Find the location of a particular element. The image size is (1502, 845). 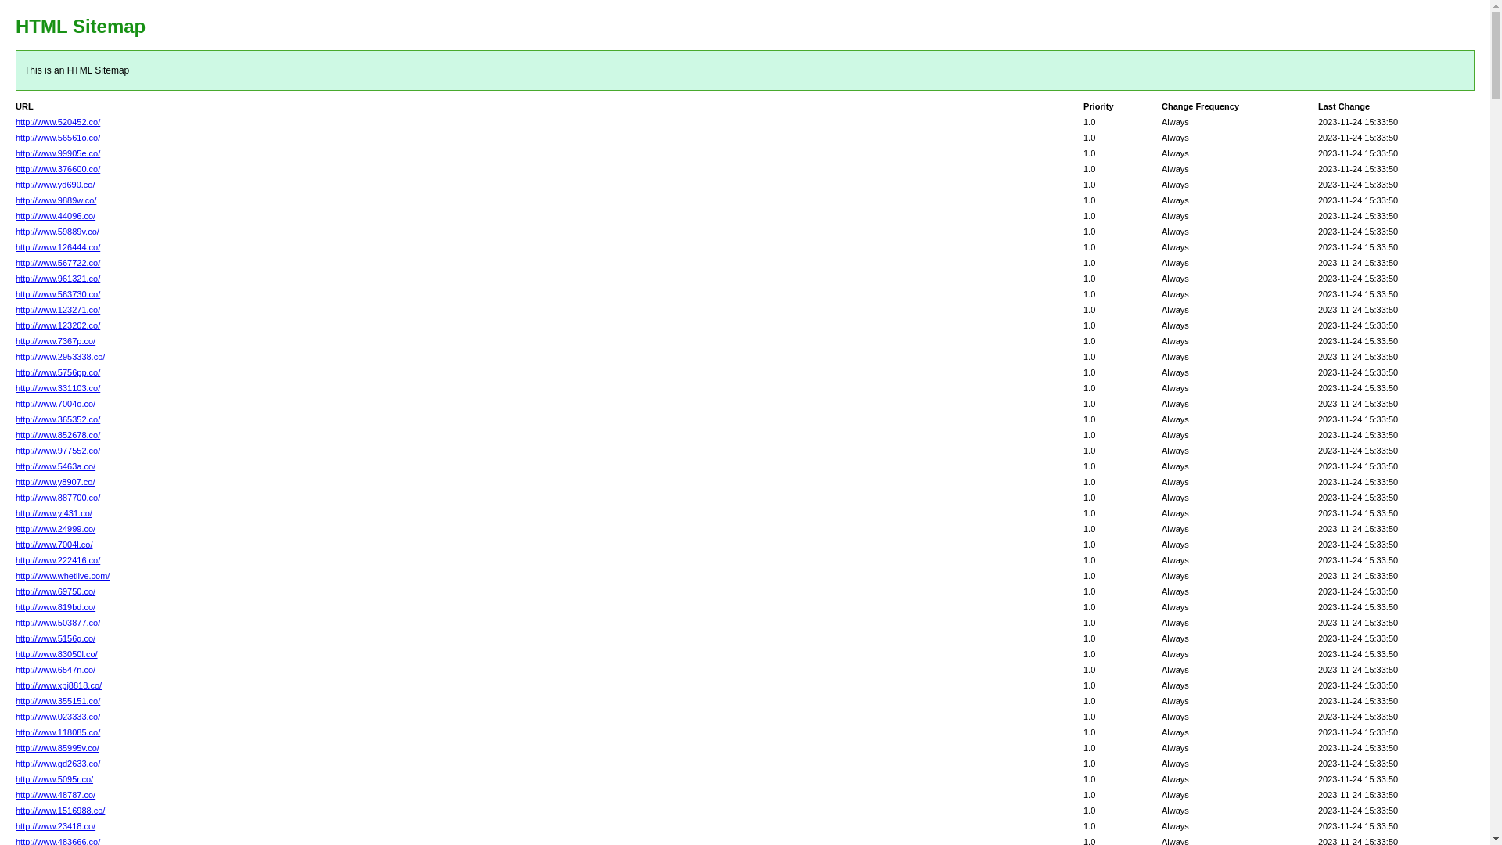

'http://www.563730.co/' is located at coordinates (57, 293).